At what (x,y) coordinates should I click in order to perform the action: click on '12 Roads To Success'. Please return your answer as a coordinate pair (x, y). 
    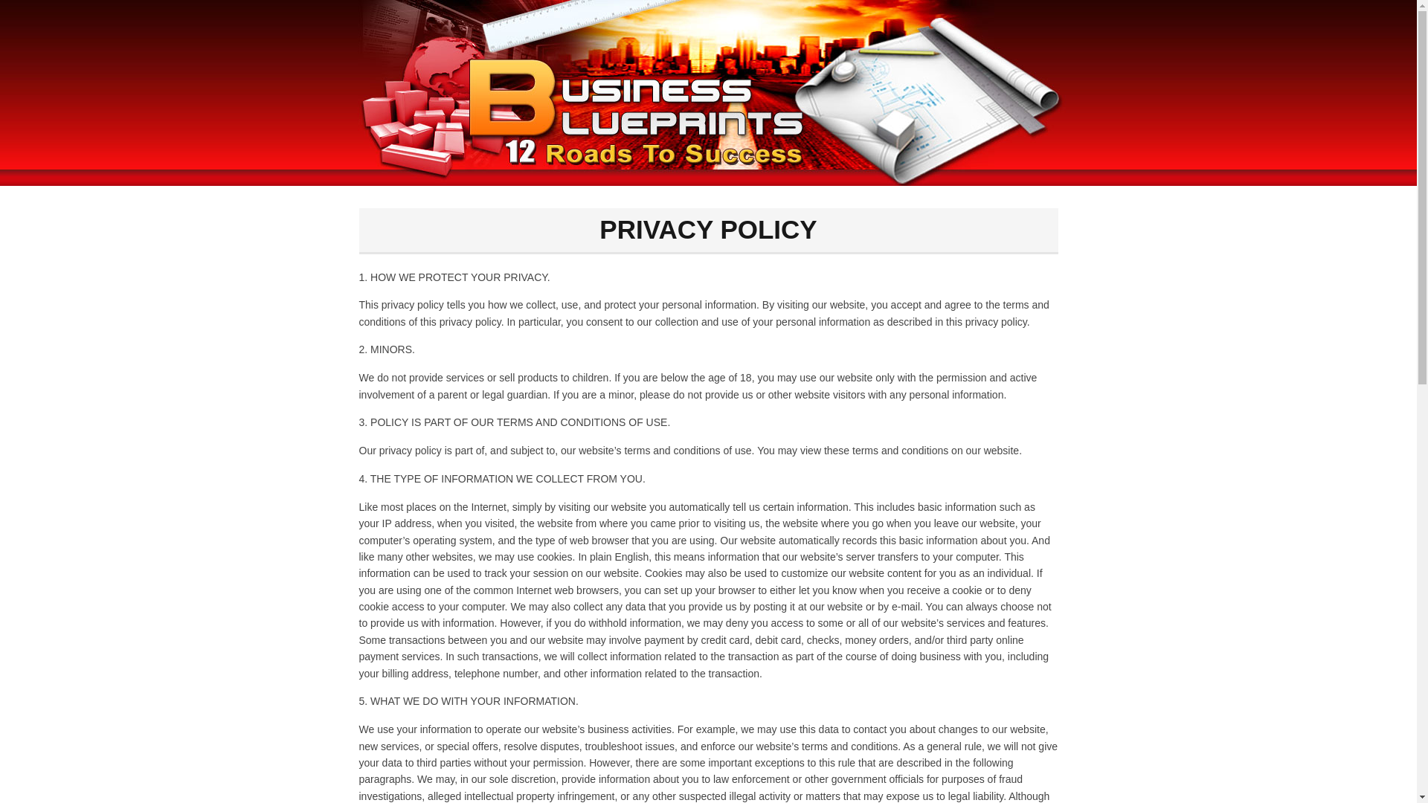
    Looking at the image, I should click on (707, 92).